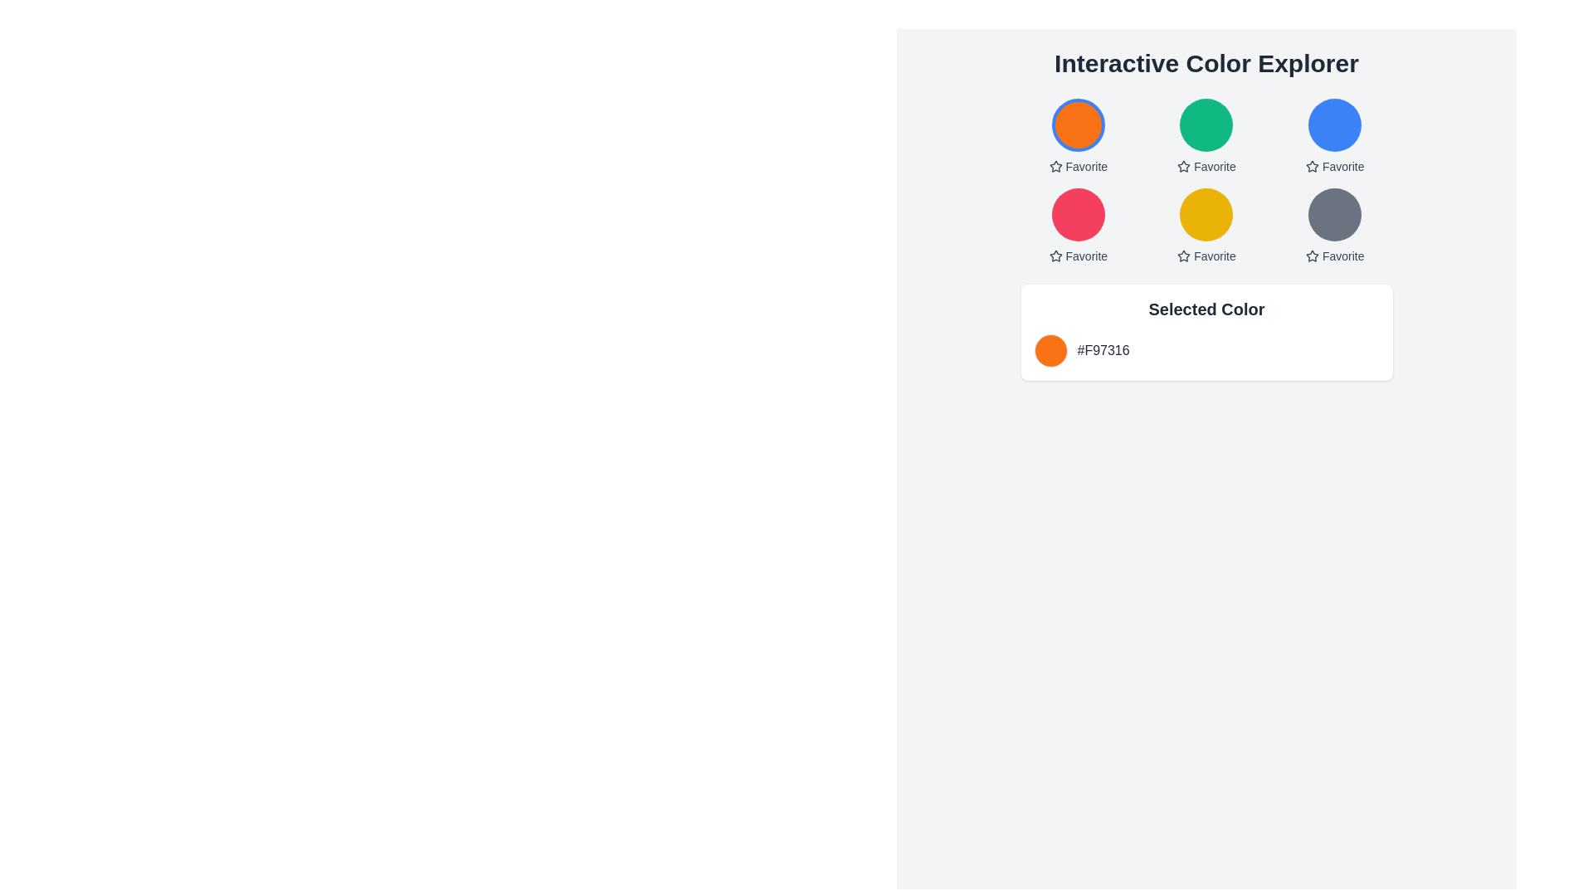 The image size is (1593, 896). Describe the element at coordinates (1055, 256) in the screenshot. I see `the favorite indicator button (star) located in the second row, first column of the color selector grid` at that location.